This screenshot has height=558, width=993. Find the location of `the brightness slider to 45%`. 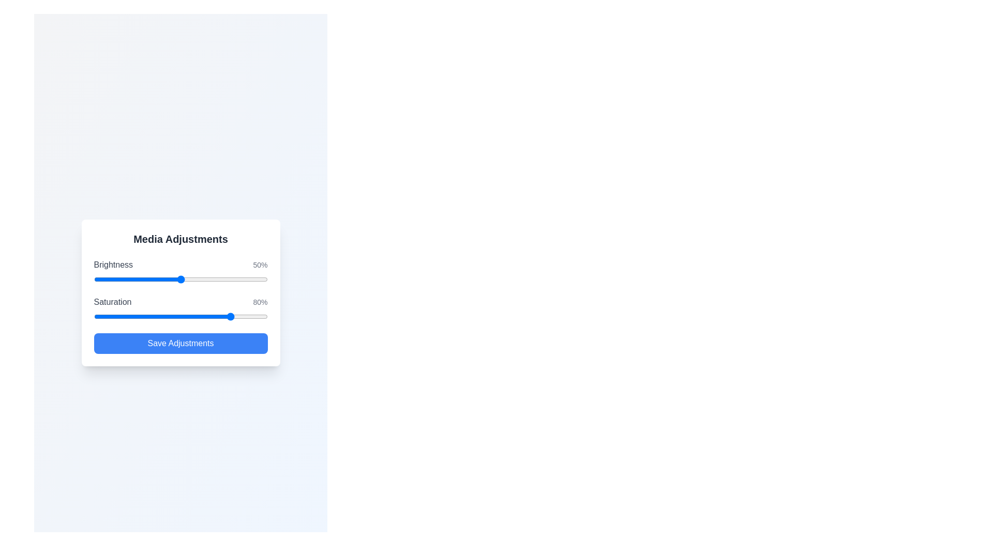

the brightness slider to 45% is located at coordinates (172, 279).